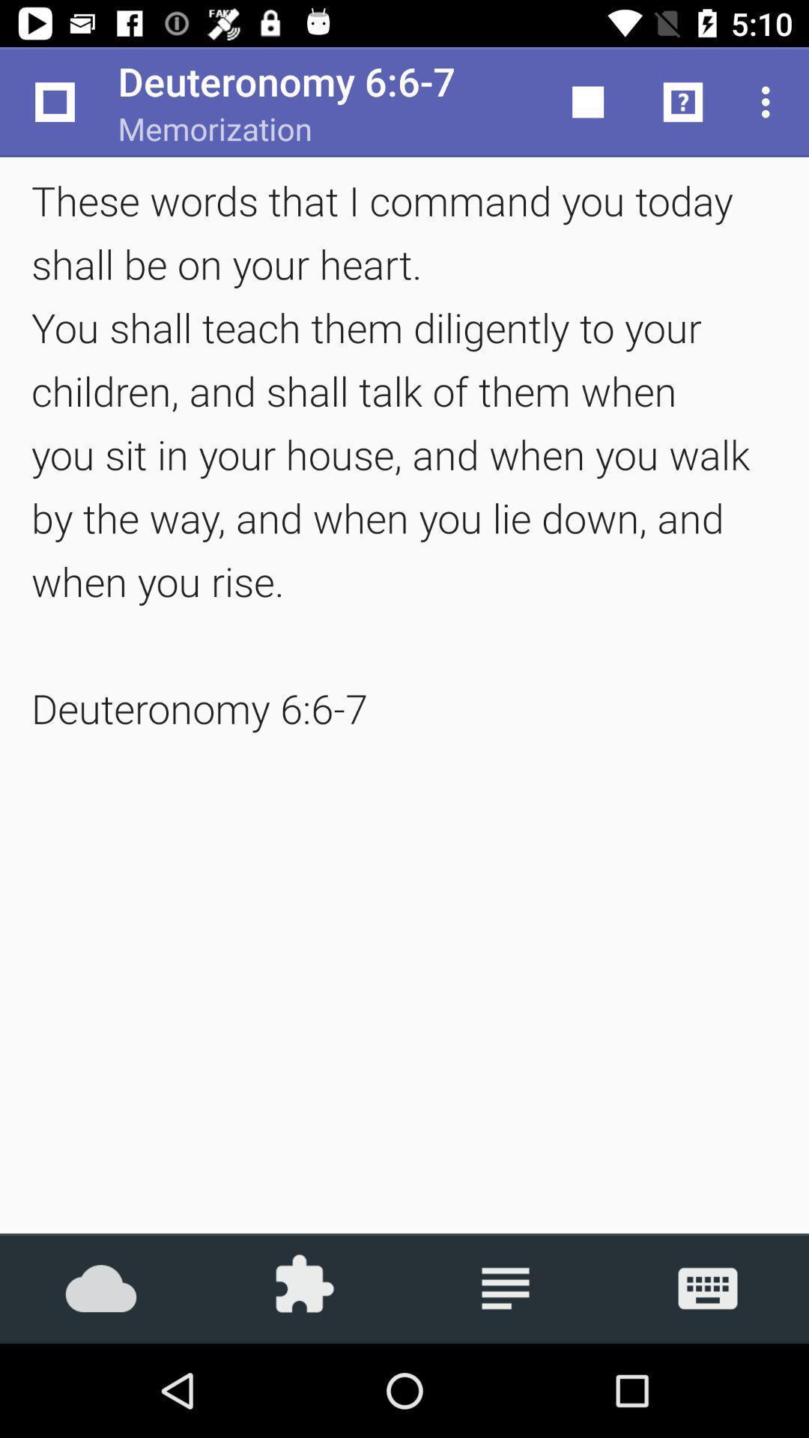 This screenshot has width=809, height=1438. Describe the element at coordinates (587, 101) in the screenshot. I see `the item to the right of deuteronomy 6 6 item` at that location.